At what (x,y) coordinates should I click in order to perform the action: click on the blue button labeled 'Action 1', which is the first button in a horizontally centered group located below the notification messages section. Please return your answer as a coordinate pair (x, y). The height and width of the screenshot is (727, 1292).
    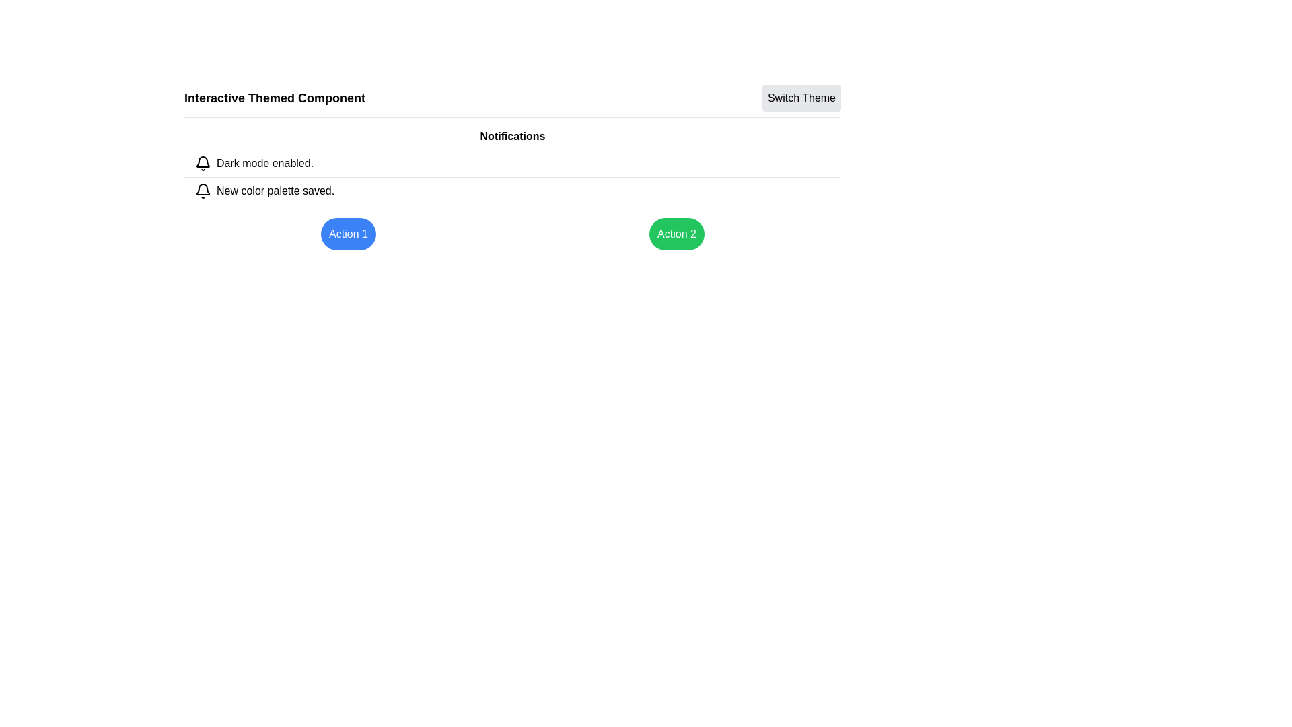
    Looking at the image, I should click on (349, 233).